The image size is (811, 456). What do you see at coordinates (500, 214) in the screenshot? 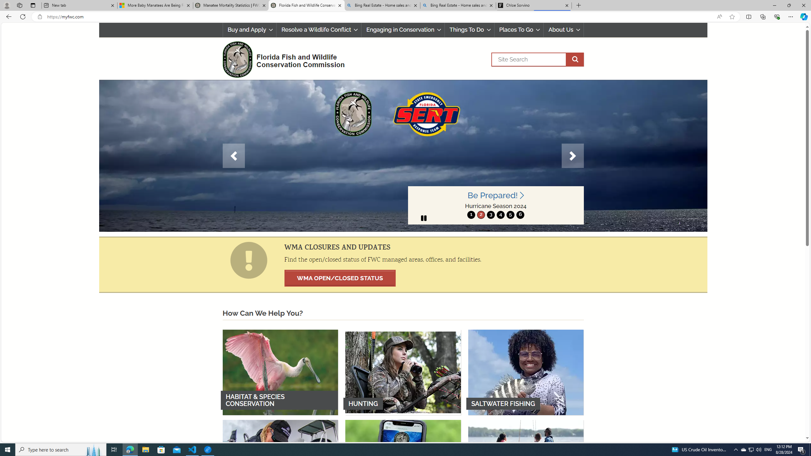
I see `'move to slide 4'` at bounding box center [500, 214].